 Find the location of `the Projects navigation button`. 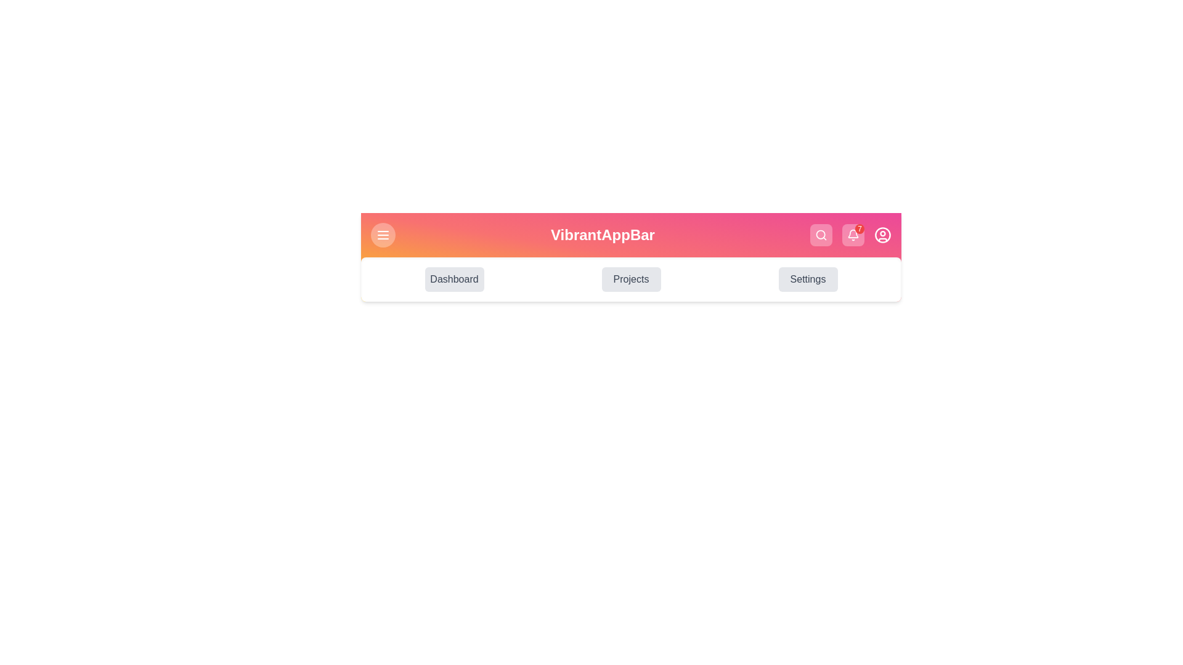

the Projects navigation button is located at coordinates (631, 280).